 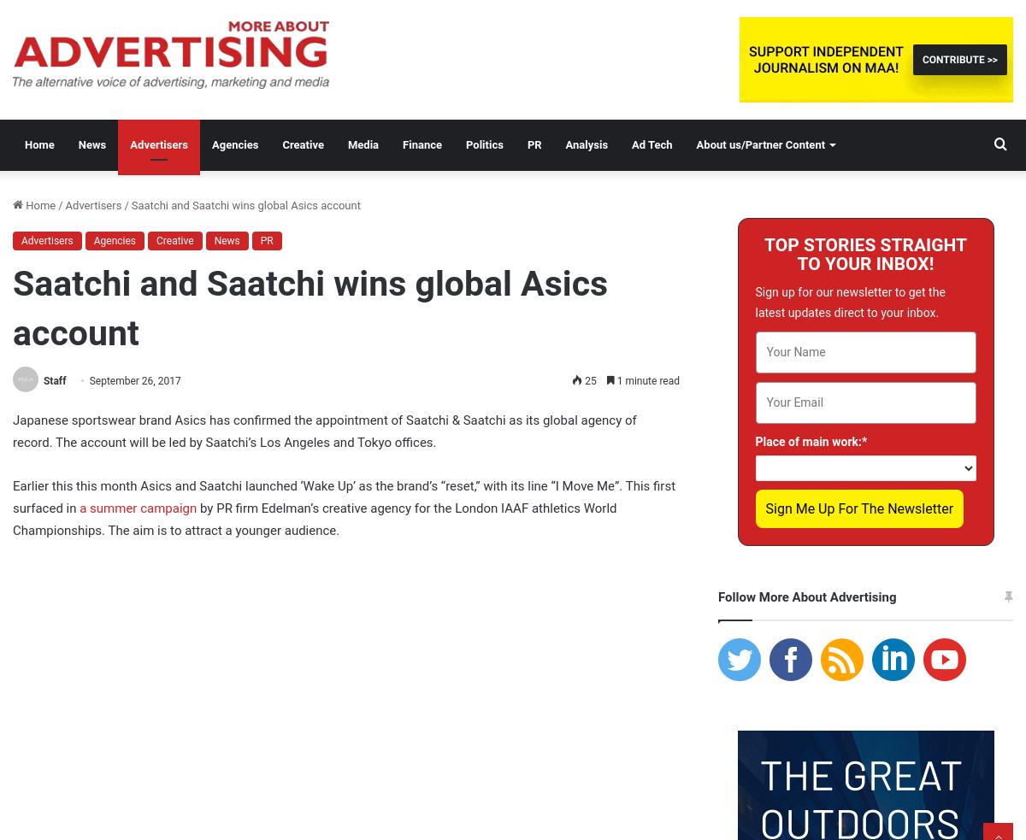 What do you see at coordinates (133, 379) in the screenshot?
I see `'September 26, 2017'` at bounding box center [133, 379].